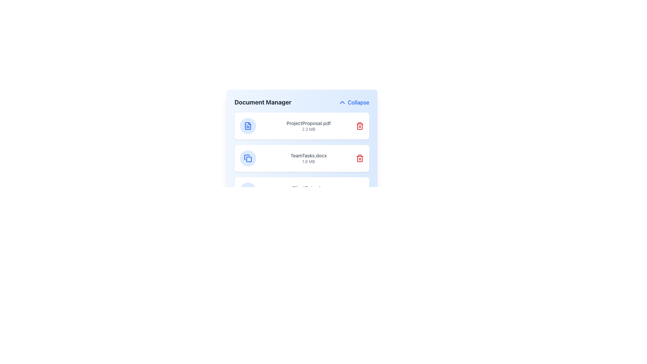 Image resolution: width=647 pixels, height=364 pixels. What do you see at coordinates (249, 159) in the screenshot?
I see `the central graphical representation of the file icon for 'TeamTasks.docx' which indicates the file's format or functionality` at bounding box center [249, 159].